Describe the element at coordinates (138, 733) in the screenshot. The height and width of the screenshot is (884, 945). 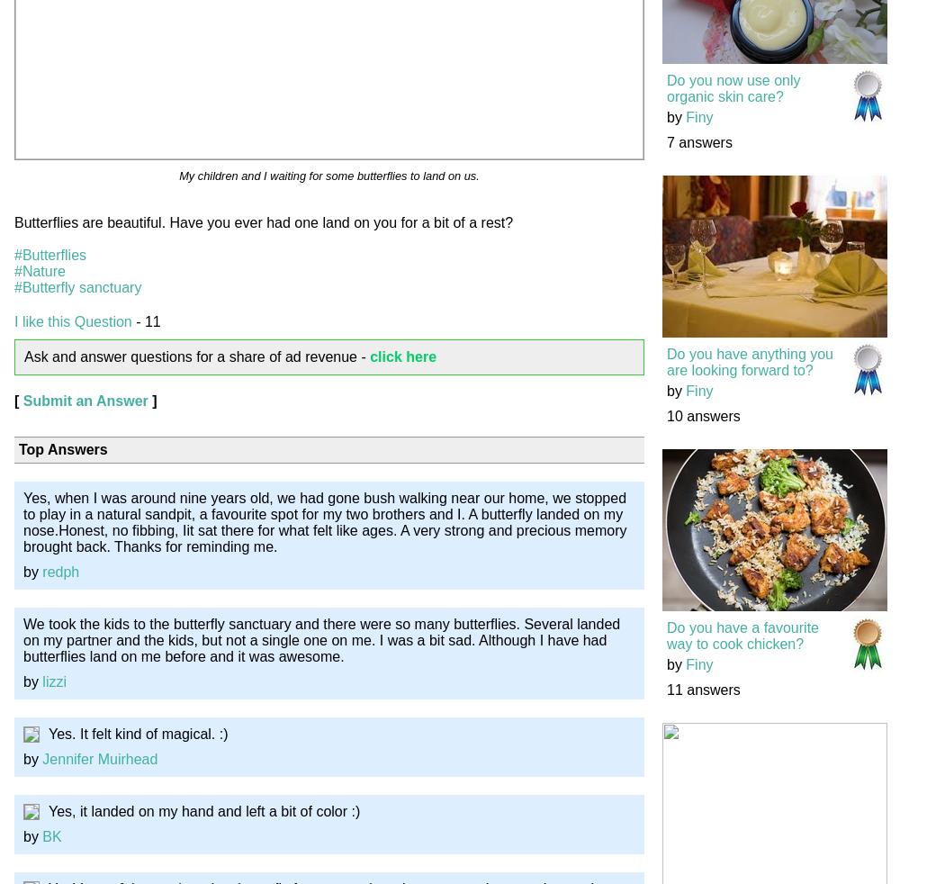
I see `'Yes. It felt kind of magical. :)'` at that location.